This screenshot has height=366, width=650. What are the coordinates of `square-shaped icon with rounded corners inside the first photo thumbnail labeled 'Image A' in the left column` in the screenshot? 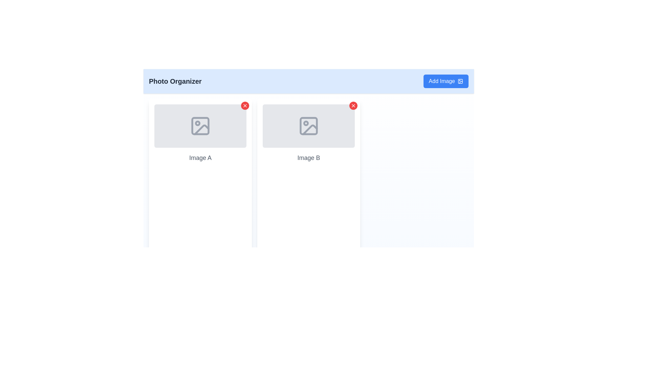 It's located at (200, 126).